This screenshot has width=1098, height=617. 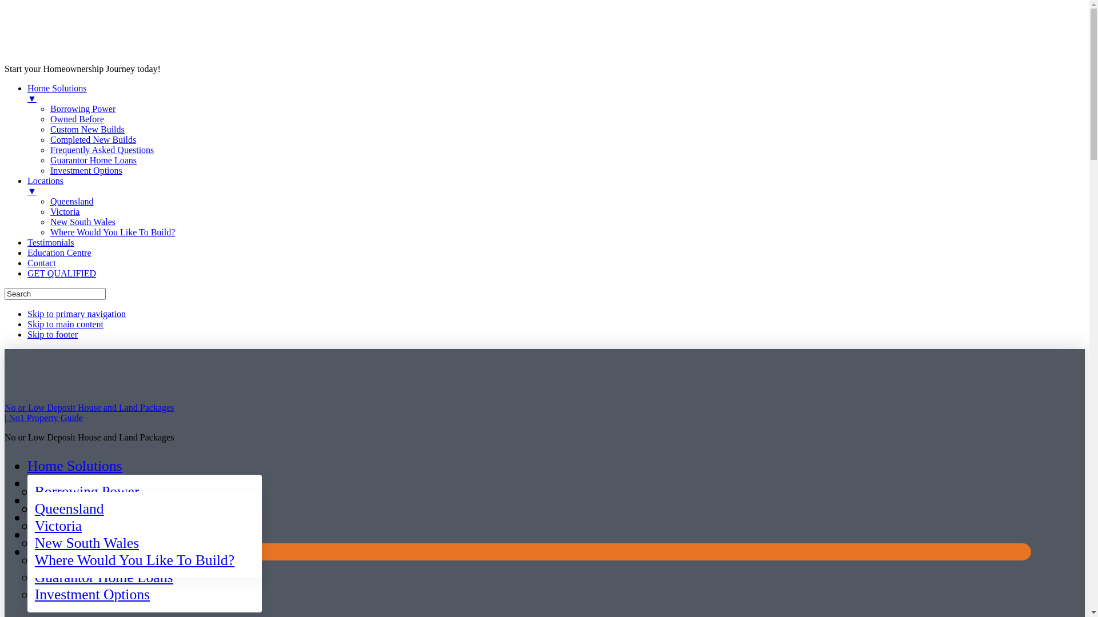 I want to click on 'Testimonials', so click(x=50, y=242).